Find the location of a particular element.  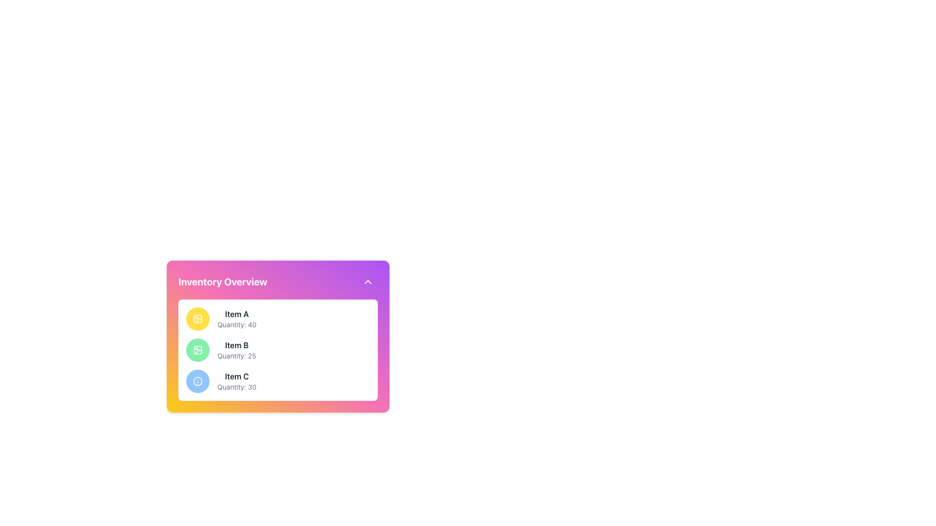

the static text label displaying 'Quantity: 30', which is located below 'Item C' in the vertical list of items is located at coordinates (236, 386).